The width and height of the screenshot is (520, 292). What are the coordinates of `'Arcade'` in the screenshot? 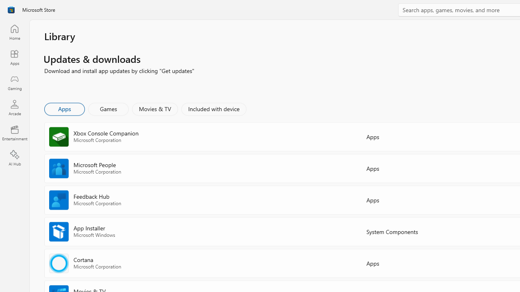 It's located at (14, 107).